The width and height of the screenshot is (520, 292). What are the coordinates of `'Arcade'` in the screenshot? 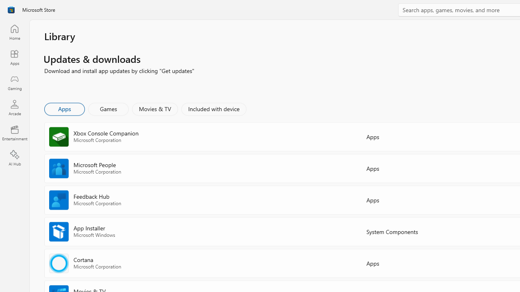 It's located at (14, 107).